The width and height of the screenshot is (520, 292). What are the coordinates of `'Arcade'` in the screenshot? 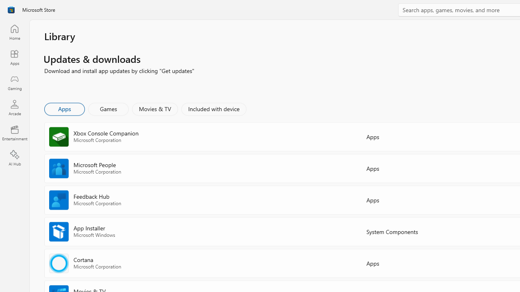 It's located at (14, 107).